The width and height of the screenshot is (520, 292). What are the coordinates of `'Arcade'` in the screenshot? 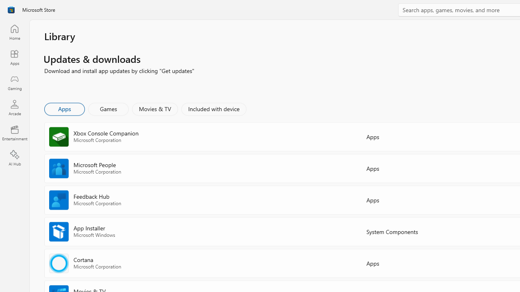 It's located at (14, 107).